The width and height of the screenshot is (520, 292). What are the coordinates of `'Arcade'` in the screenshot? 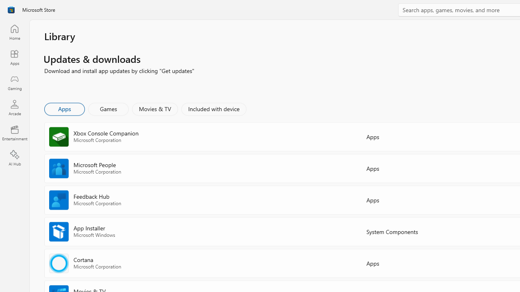 It's located at (14, 107).